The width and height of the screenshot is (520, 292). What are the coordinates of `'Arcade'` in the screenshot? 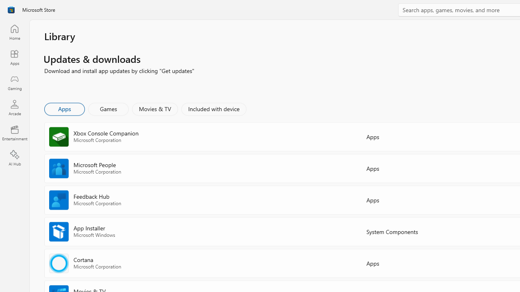 It's located at (14, 107).